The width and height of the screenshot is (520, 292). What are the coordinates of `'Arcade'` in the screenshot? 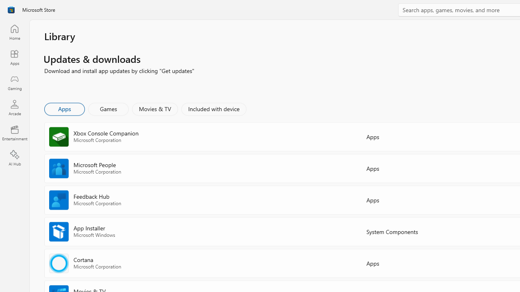 It's located at (14, 107).